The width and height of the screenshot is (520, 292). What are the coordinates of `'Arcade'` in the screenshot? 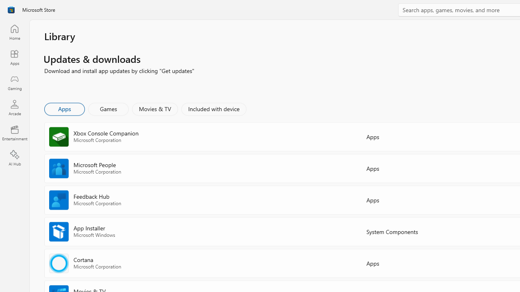 It's located at (14, 107).